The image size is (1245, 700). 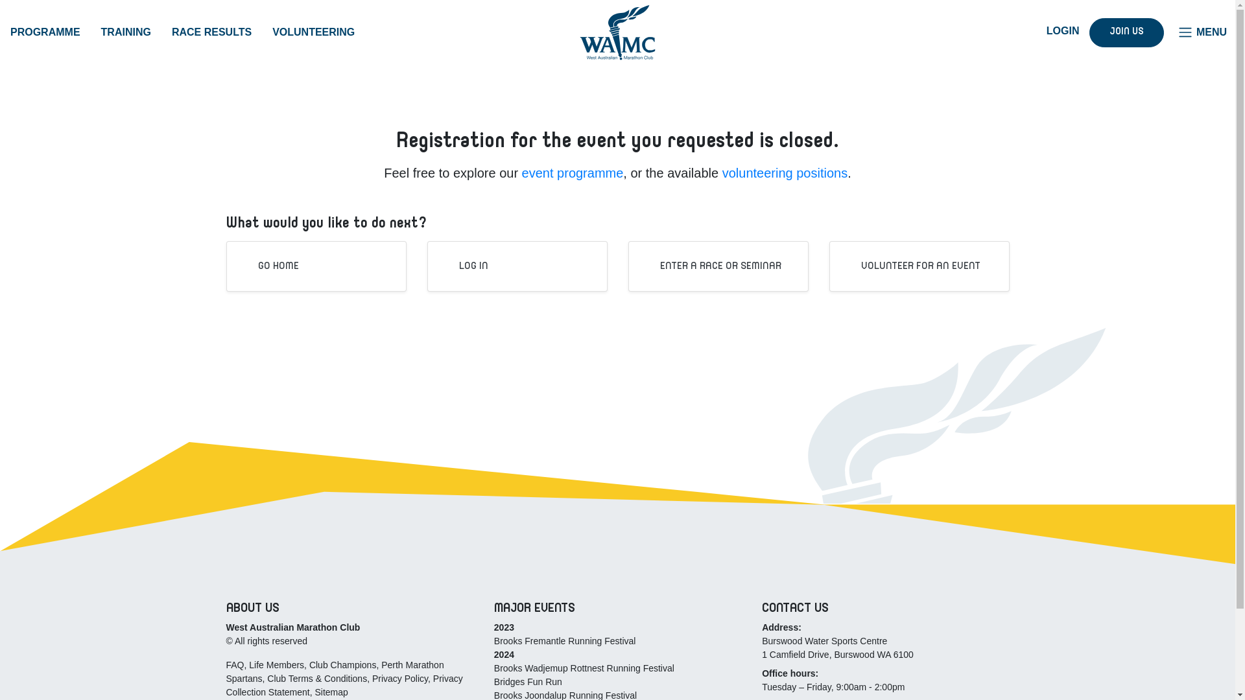 What do you see at coordinates (211, 32) in the screenshot?
I see `'RACE RESULTS'` at bounding box center [211, 32].